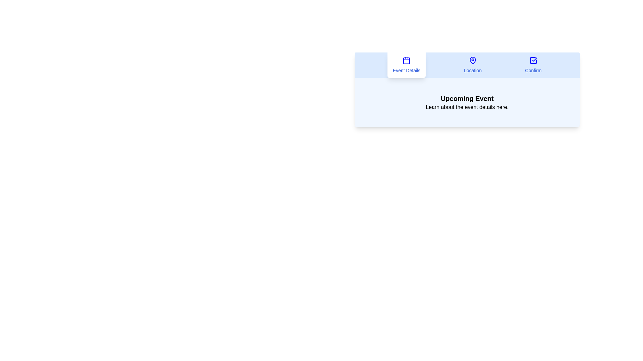  Describe the element at coordinates (406, 65) in the screenshot. I see `the center of the active tab to refresh its content` at that location.